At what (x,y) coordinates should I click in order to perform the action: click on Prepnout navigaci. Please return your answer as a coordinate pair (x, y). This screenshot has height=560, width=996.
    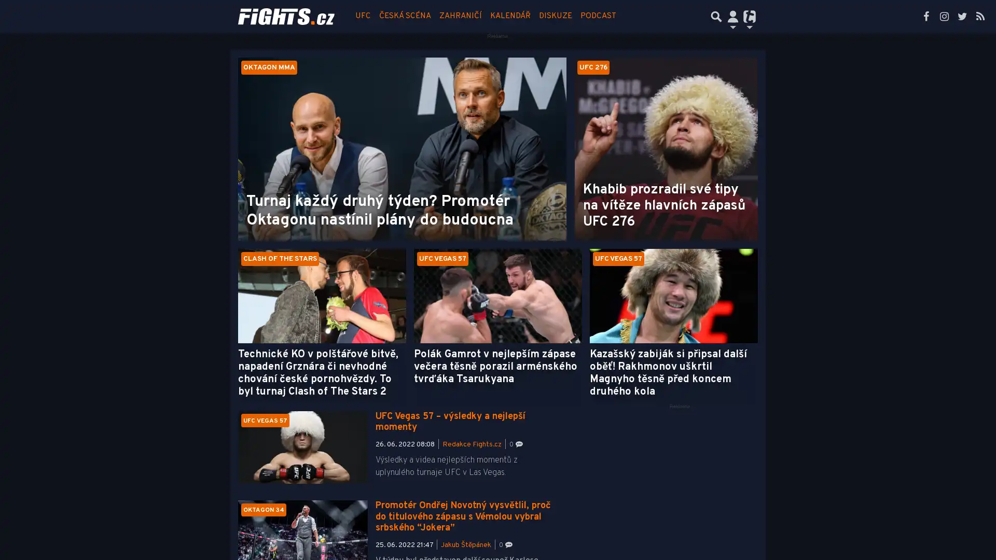
    Looking at the image, I should click on (749, 16).